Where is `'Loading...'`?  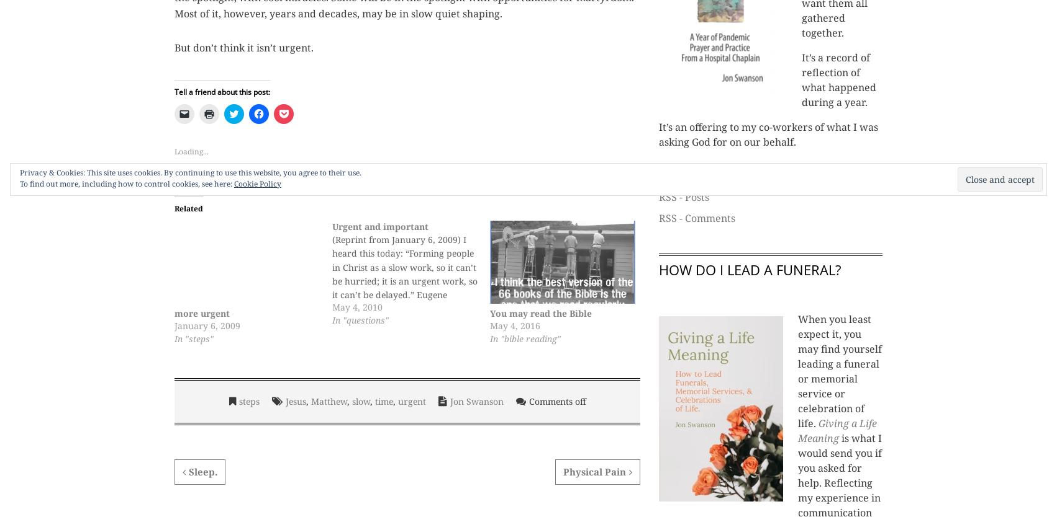 'Loading...' is located at coordinates (174, 151).